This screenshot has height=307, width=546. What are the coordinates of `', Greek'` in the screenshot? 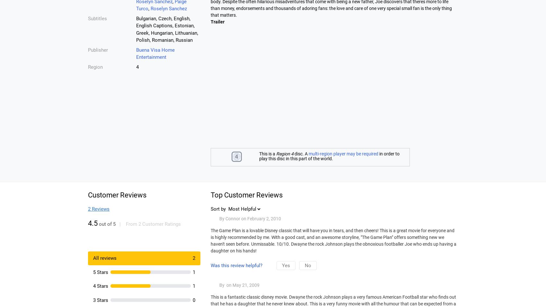 It's located at (136, 29).